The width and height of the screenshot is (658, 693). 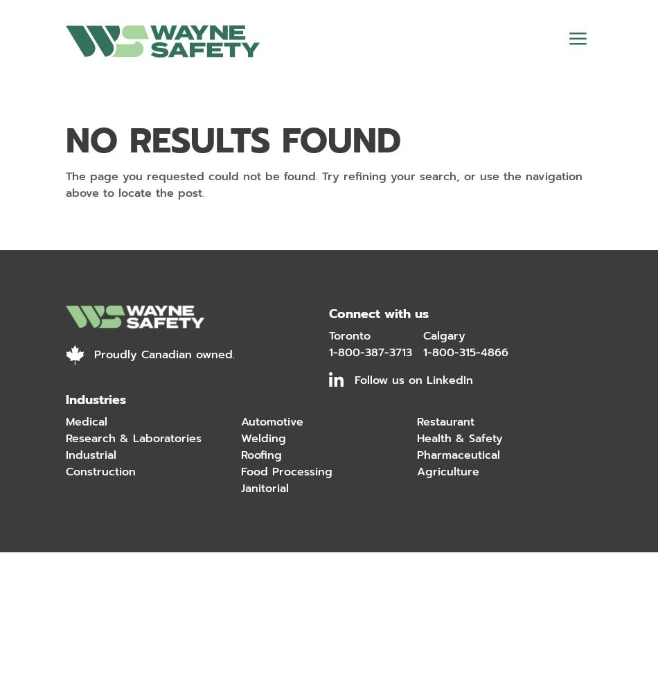 What do you see at coordinates (87, 421) in the screenshot?
I see `'Medical'` at bounding box center [87, 421].